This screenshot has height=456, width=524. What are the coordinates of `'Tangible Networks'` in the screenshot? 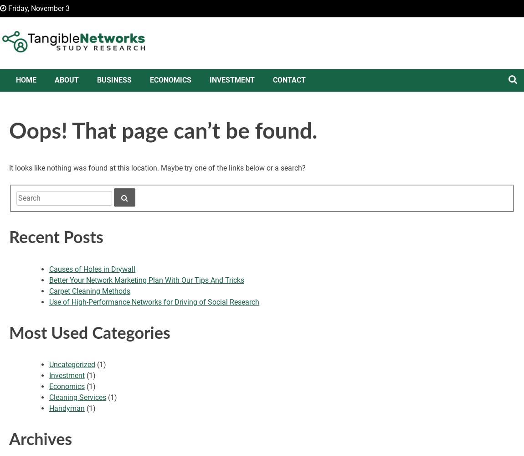 It's located at (75, 71).